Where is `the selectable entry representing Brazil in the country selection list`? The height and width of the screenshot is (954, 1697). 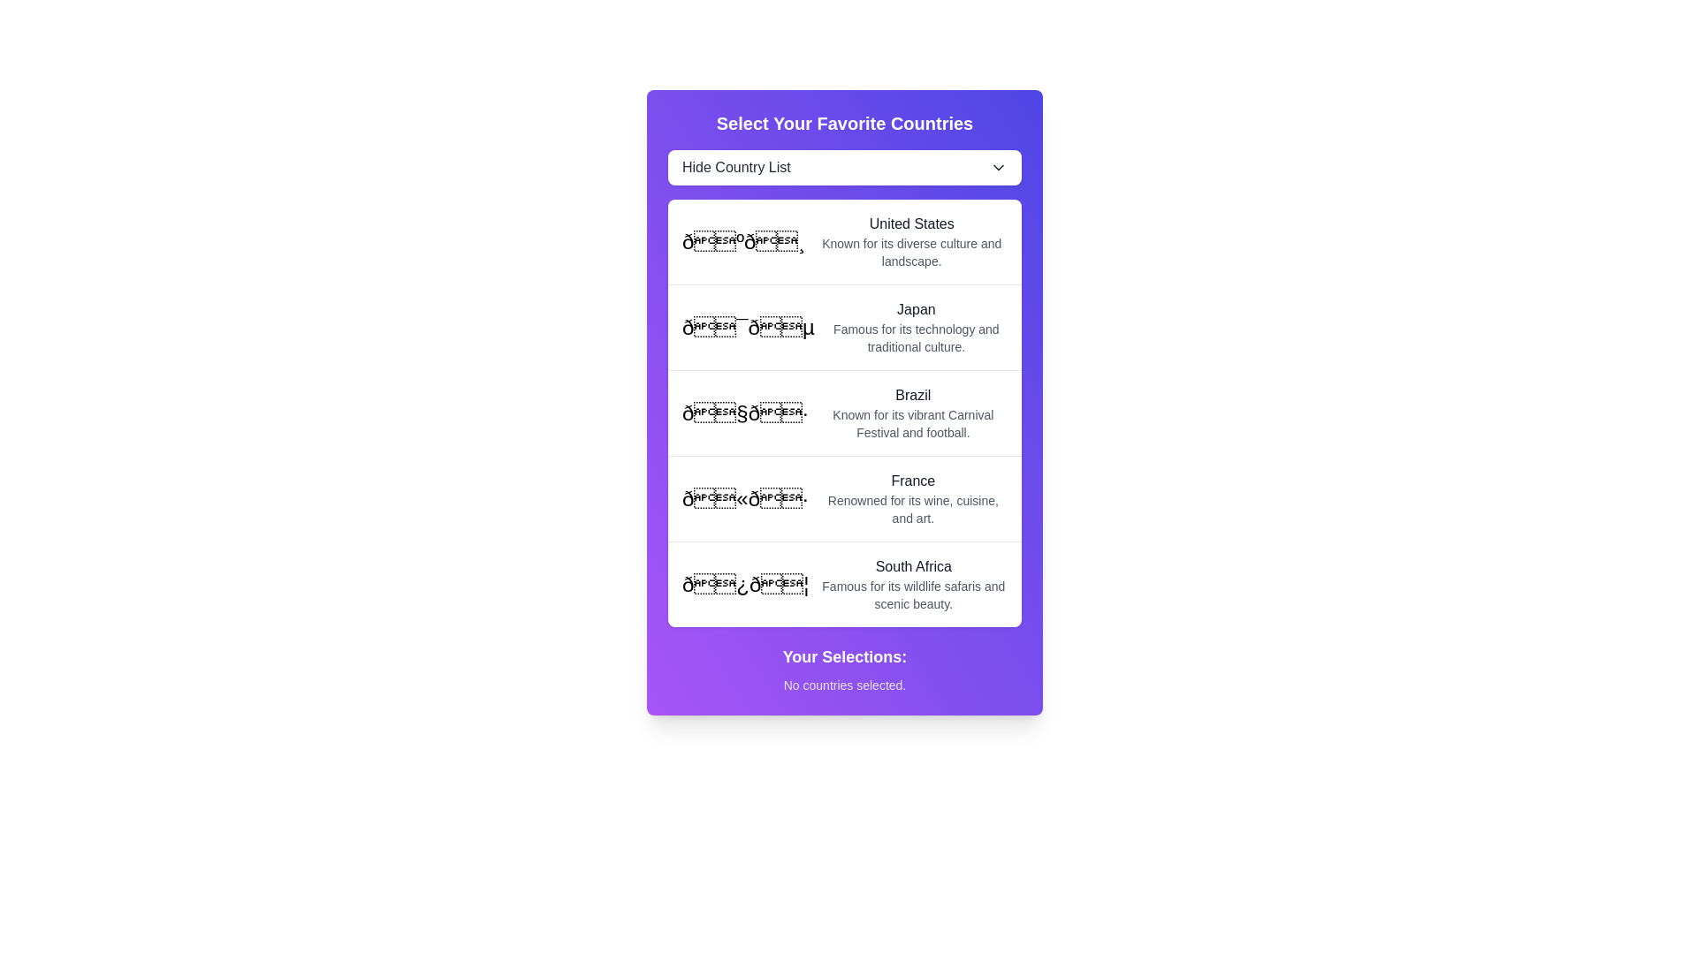 the selectable entry representing Brazil in the country selection list is located at coordinates (843, 413).